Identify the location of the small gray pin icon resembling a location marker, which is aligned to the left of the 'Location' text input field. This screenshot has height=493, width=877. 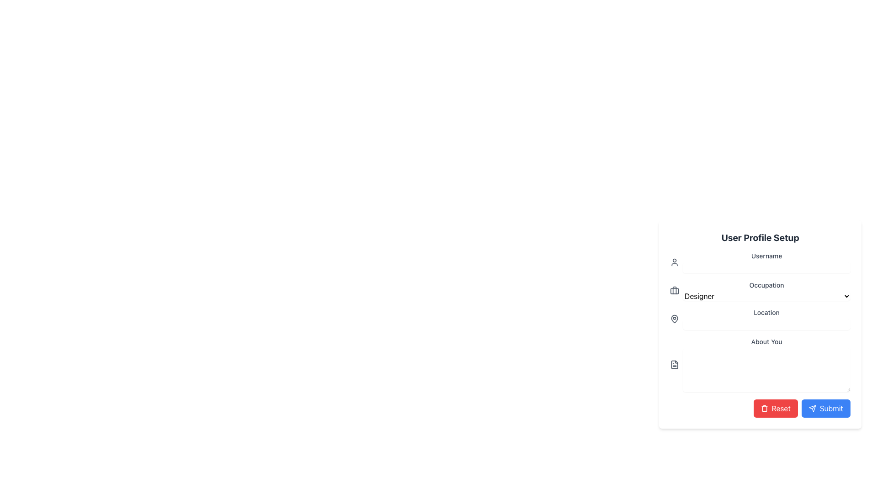
(675, 318).